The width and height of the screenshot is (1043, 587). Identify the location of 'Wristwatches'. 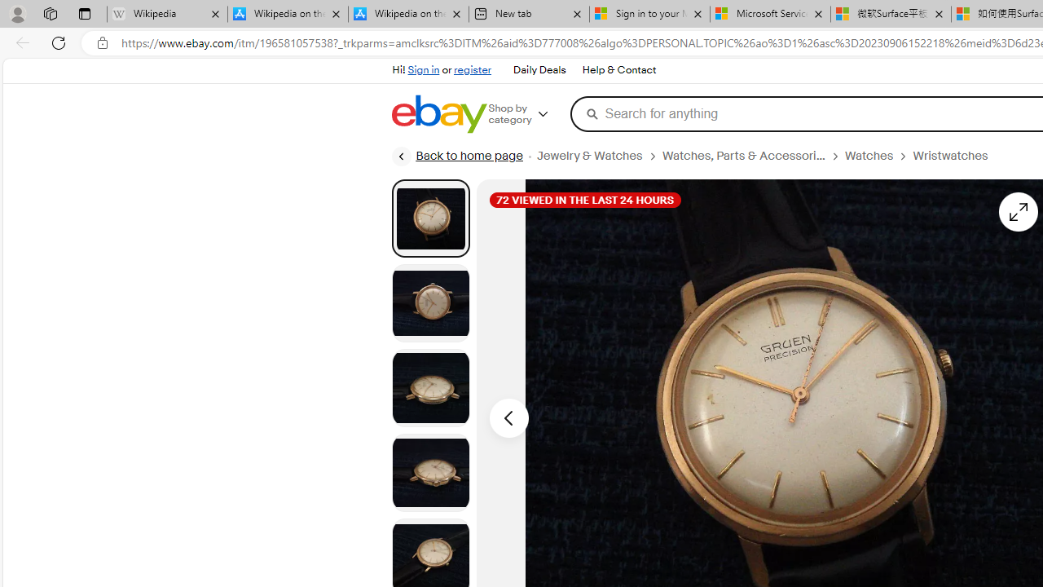
(957, 156).